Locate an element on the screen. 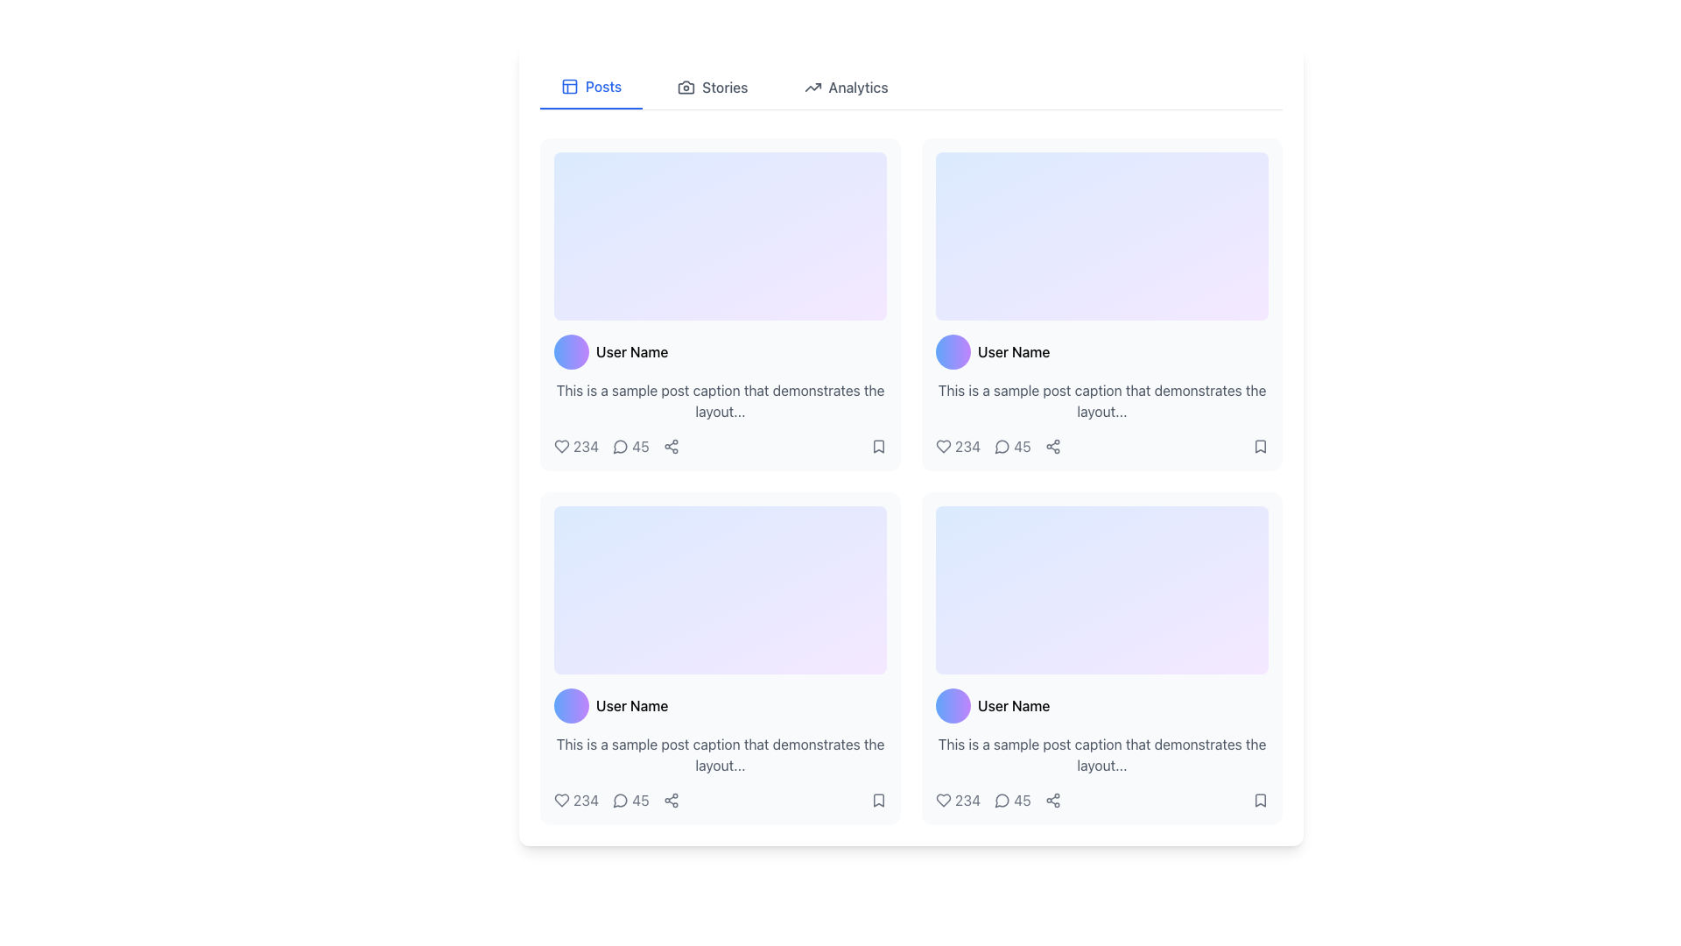 The width and height of the screenshot is (1681, 946). the small share icon represented by three interconnected circles arranged in a triangular pattern, located in the footer section of a content card is located at coordinates (1052, 801).